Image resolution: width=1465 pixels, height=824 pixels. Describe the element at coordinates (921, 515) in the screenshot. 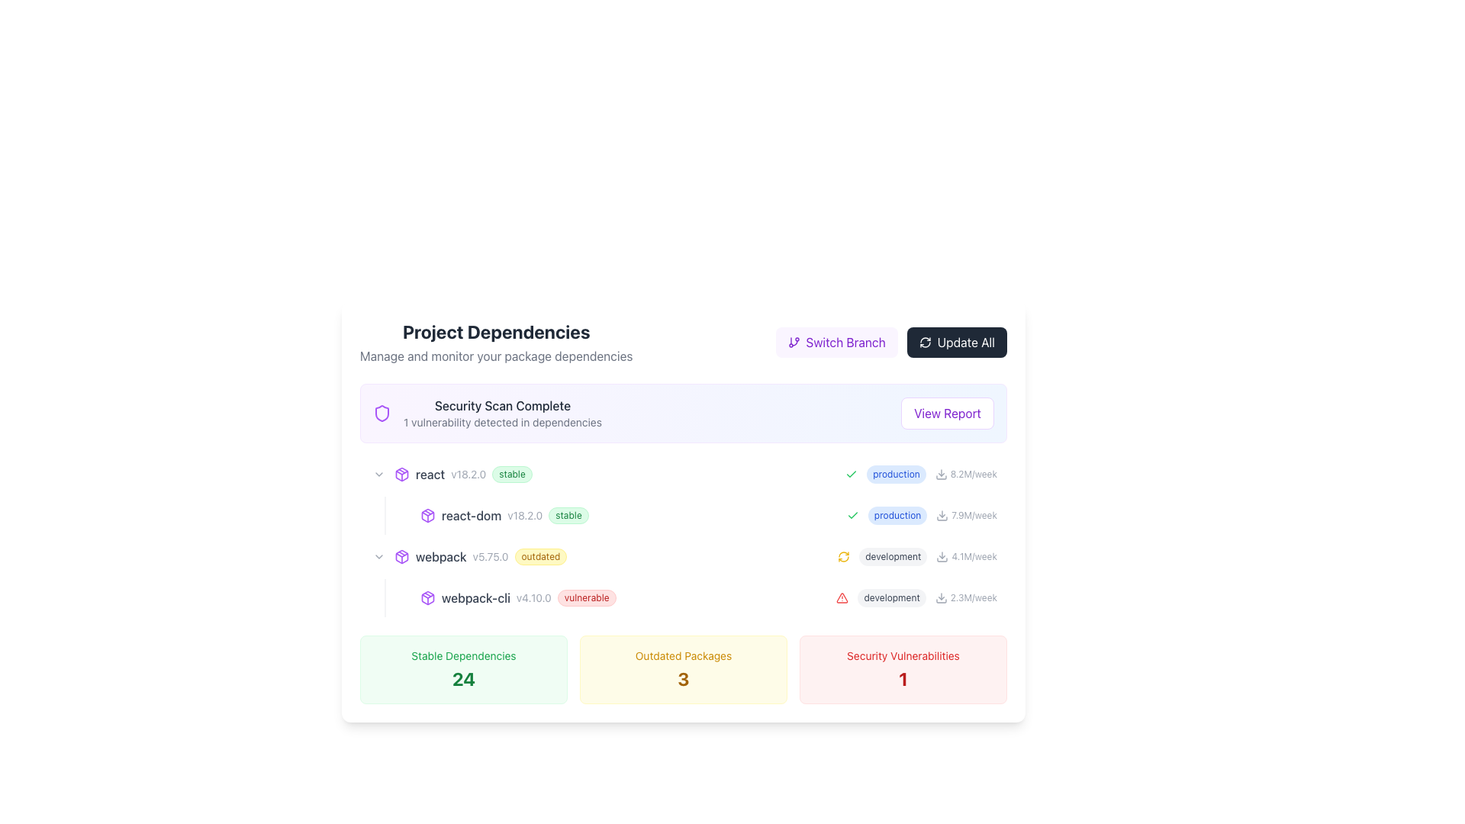

I see `'production' label with the statistics '7.9M/week' located in the bottom-right section of the interface, which is part of the 'Project Dependencies' list` at that location.